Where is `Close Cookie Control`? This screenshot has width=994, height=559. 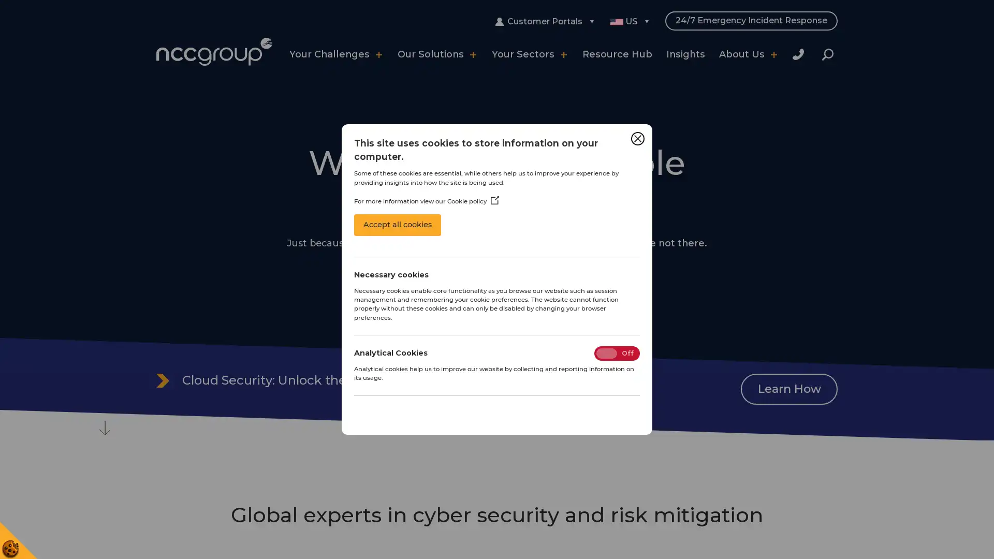
Close Cookie Control is located at coordinates (637, 138).